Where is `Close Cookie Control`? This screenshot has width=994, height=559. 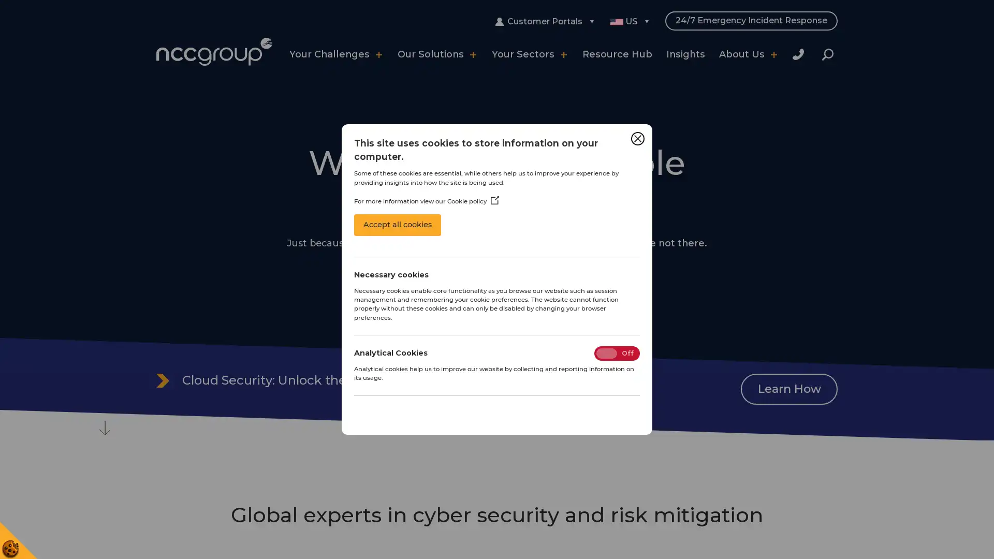
Close Cookie Control is located at coordinates (637, 138).